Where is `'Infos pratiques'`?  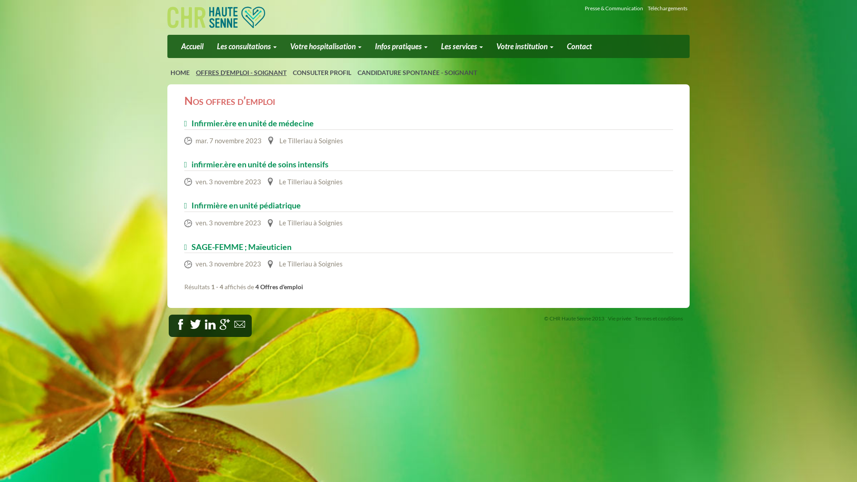
'Infos pratiques' is located at coordinates (400, 46).